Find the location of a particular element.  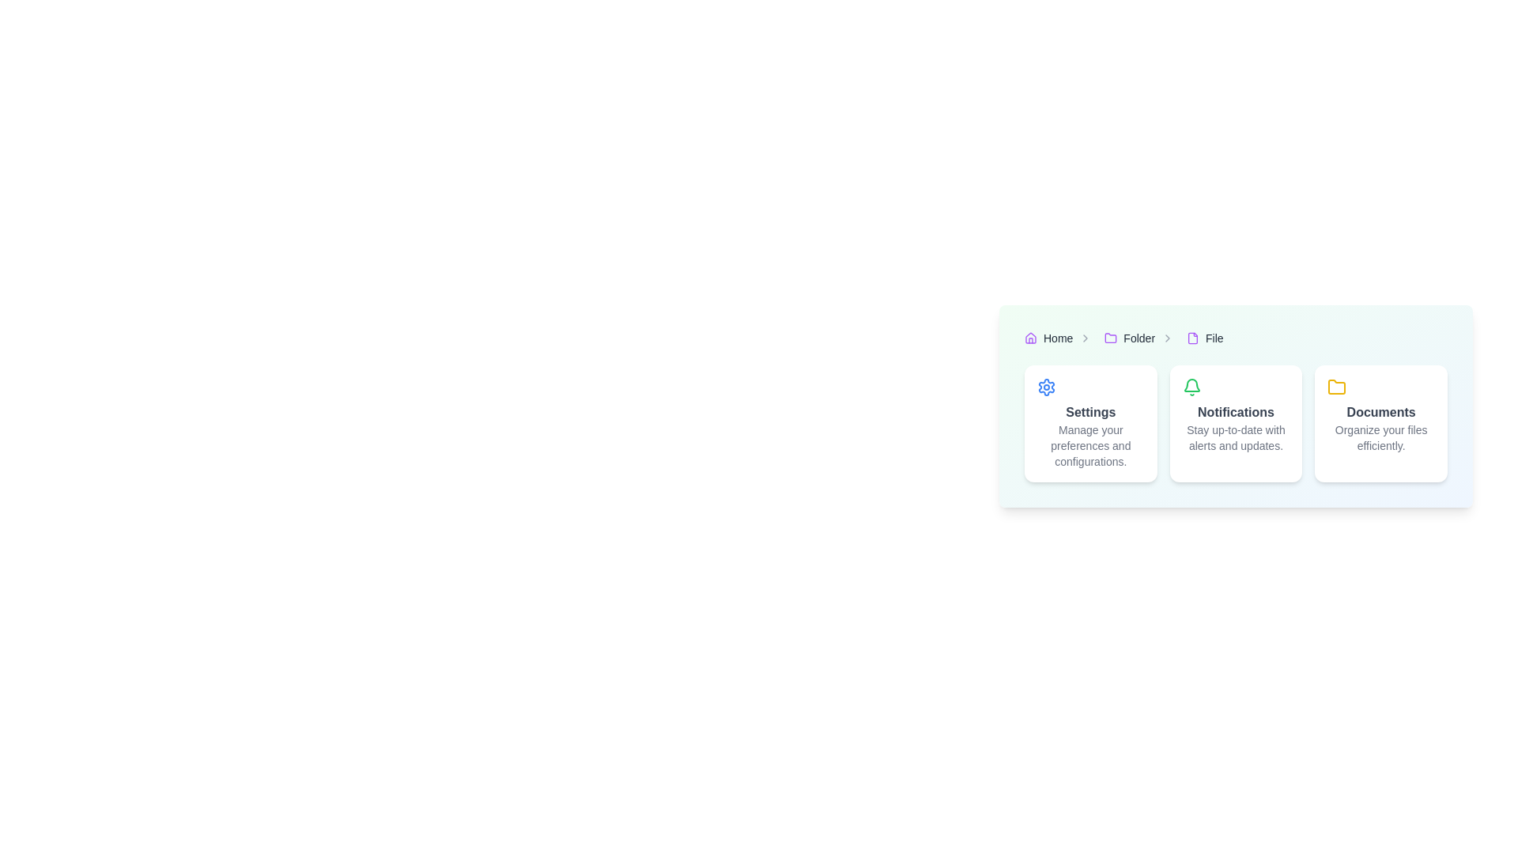

the 'File' hyperlink located is located at coordinates (1214, 338).